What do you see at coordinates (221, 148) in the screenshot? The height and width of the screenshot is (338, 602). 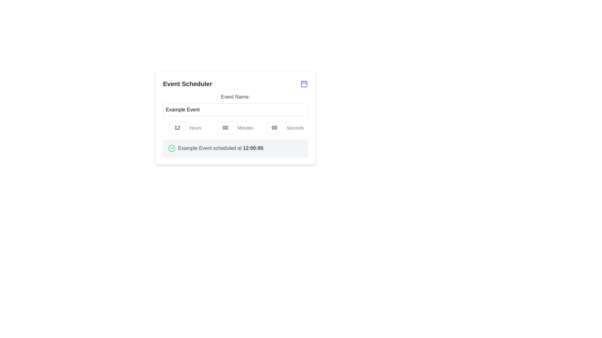 I see `the Text Label displaying 'Example Event scheduled at 12:00:00.' which is styled in gray and located next to a green check icon` at bounding box center [221, 148].